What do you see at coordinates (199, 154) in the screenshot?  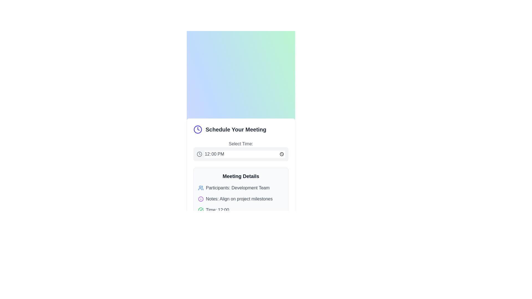 I see `the circular SVG element that represents the outer part of the clock icon located to the left of the 'Schedule Your Meeting' header label` at bounding box center [199, 154].